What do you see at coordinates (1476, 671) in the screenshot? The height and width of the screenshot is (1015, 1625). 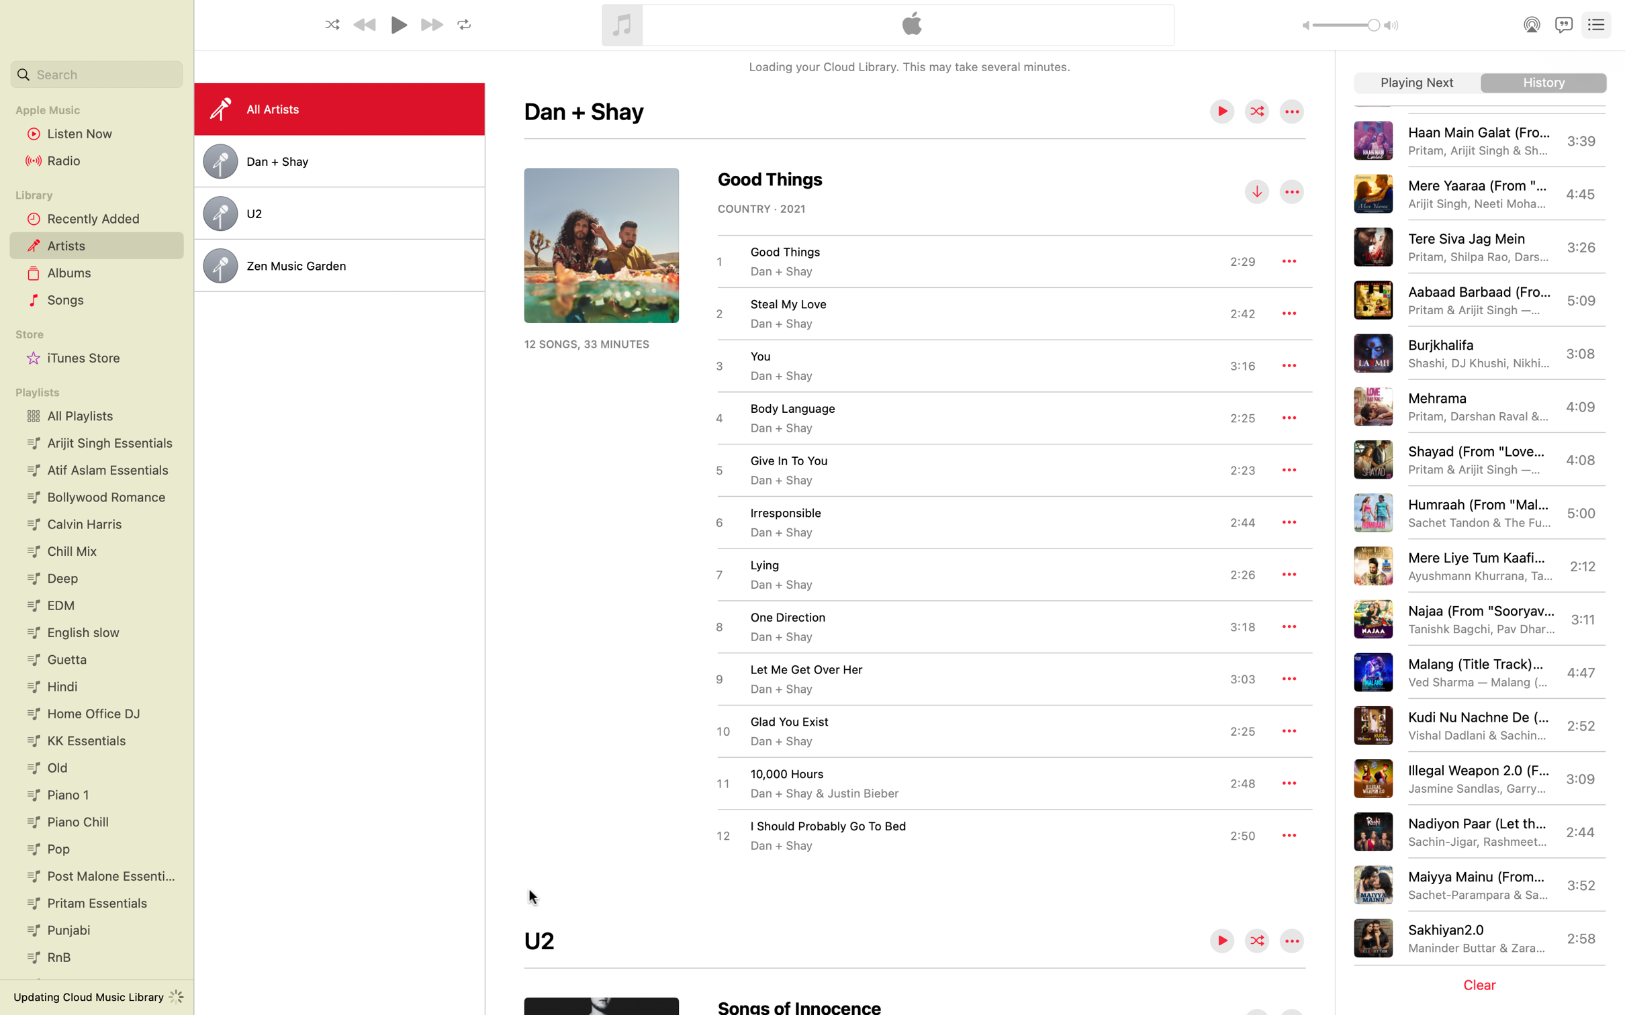 I see `Execute the playback of "Malang` at bounding box center [1476, 671].